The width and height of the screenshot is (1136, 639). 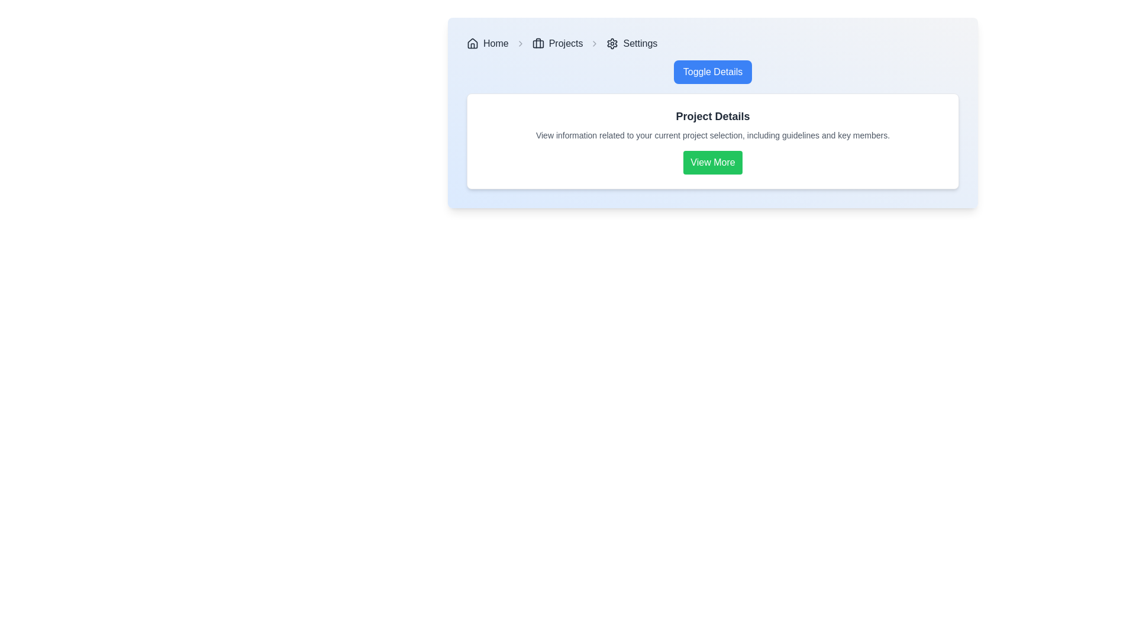 I want to click on the right-pointing chevron icon, which serves as a navigational indicator between 'Projects' and 'Settings' in the breadcrumb navigation bar, so click(x=595, y=43).